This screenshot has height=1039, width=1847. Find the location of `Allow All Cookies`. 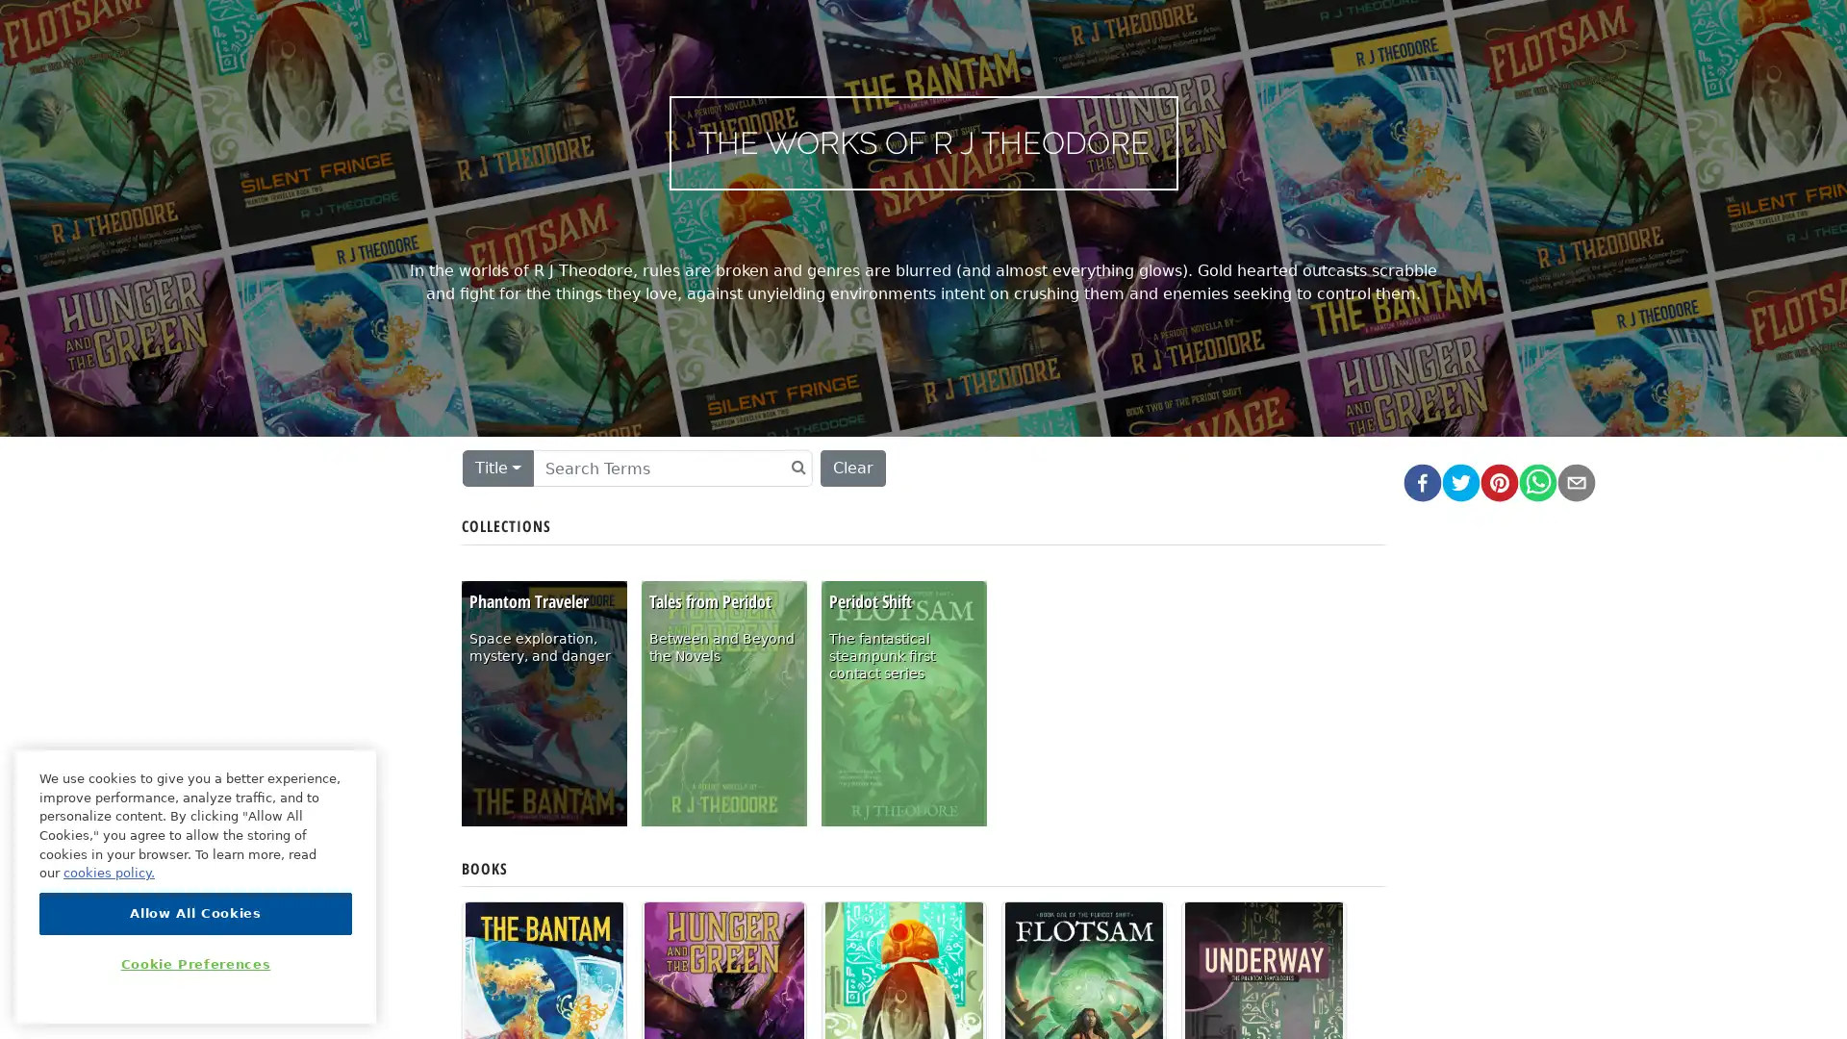

Allow All Cookies is located at coordinates (195, 912).